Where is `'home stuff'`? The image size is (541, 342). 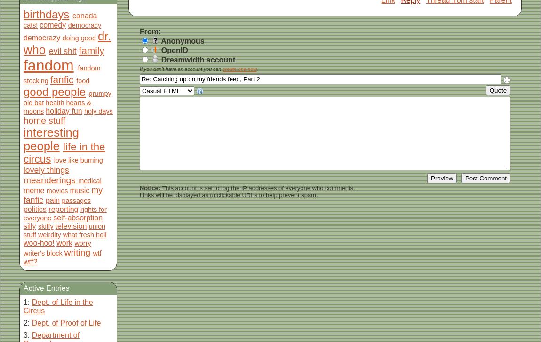
'home stuff' is located at coordinates (43, 120).